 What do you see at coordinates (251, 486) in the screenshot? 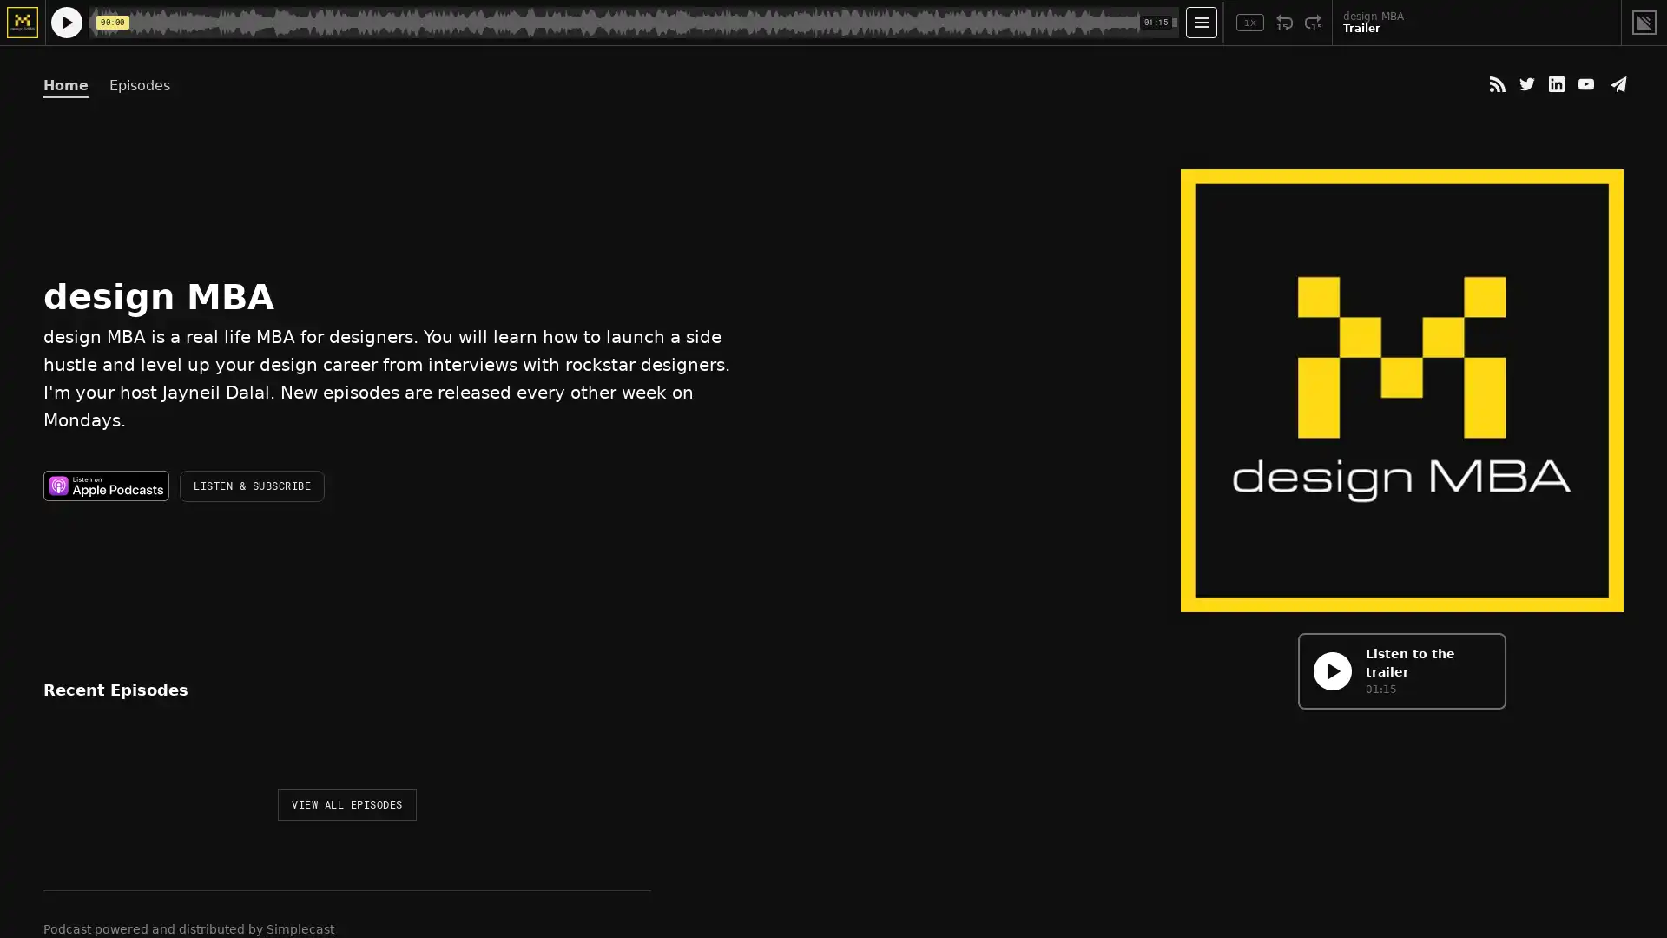
I see `LISTEN & SUBSCRIBE` at bounding box center [251, 486].